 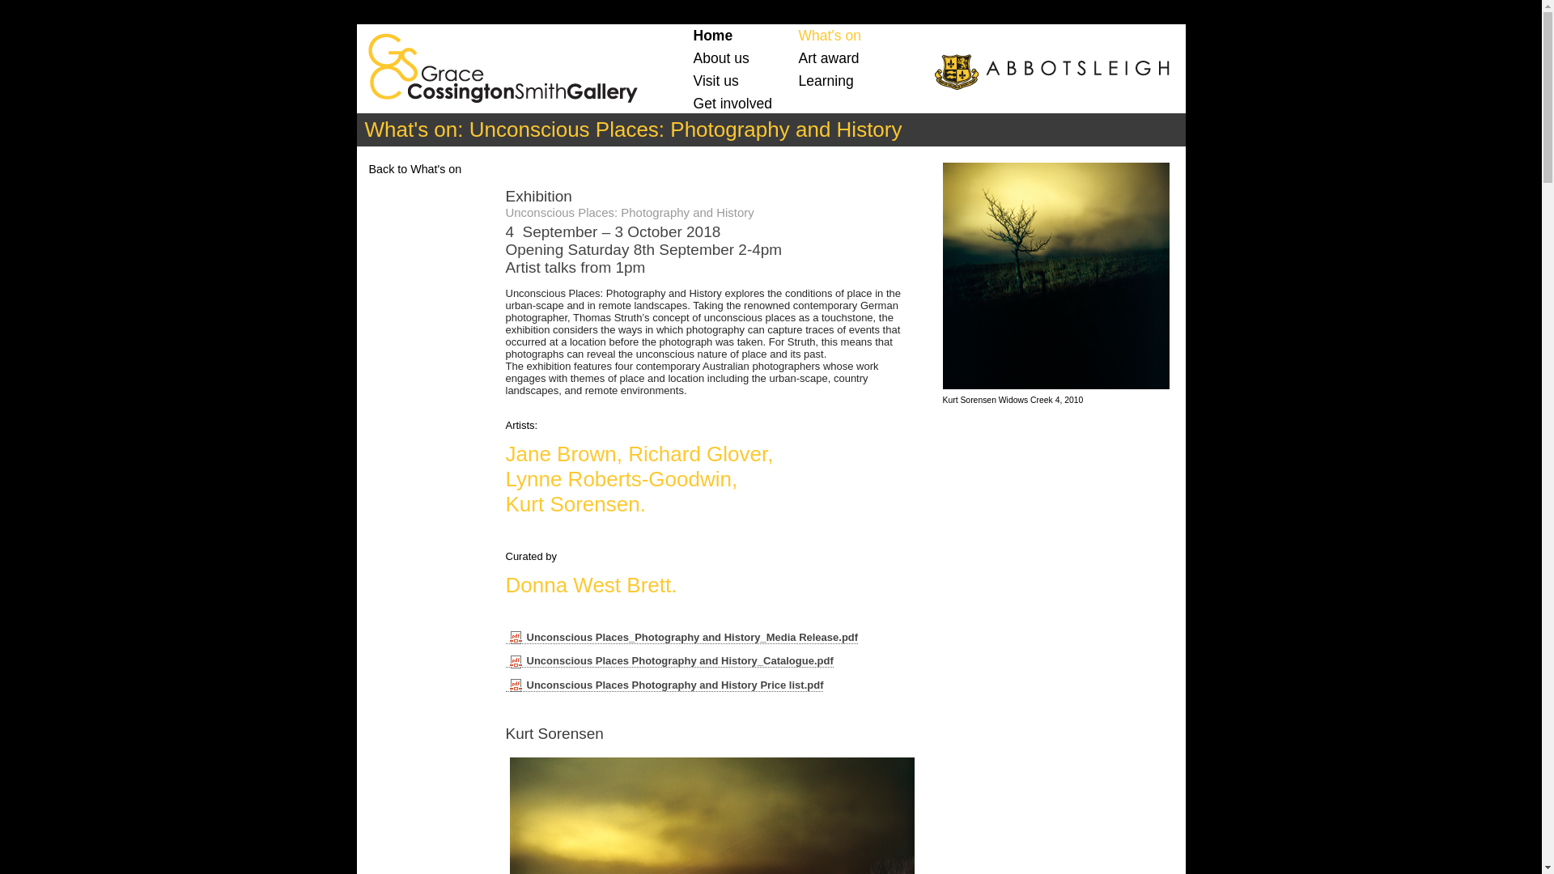 What do you see at coordinates (720, 57) in the screenshot?
I see `'About us'` at bounding box center [720, 57].